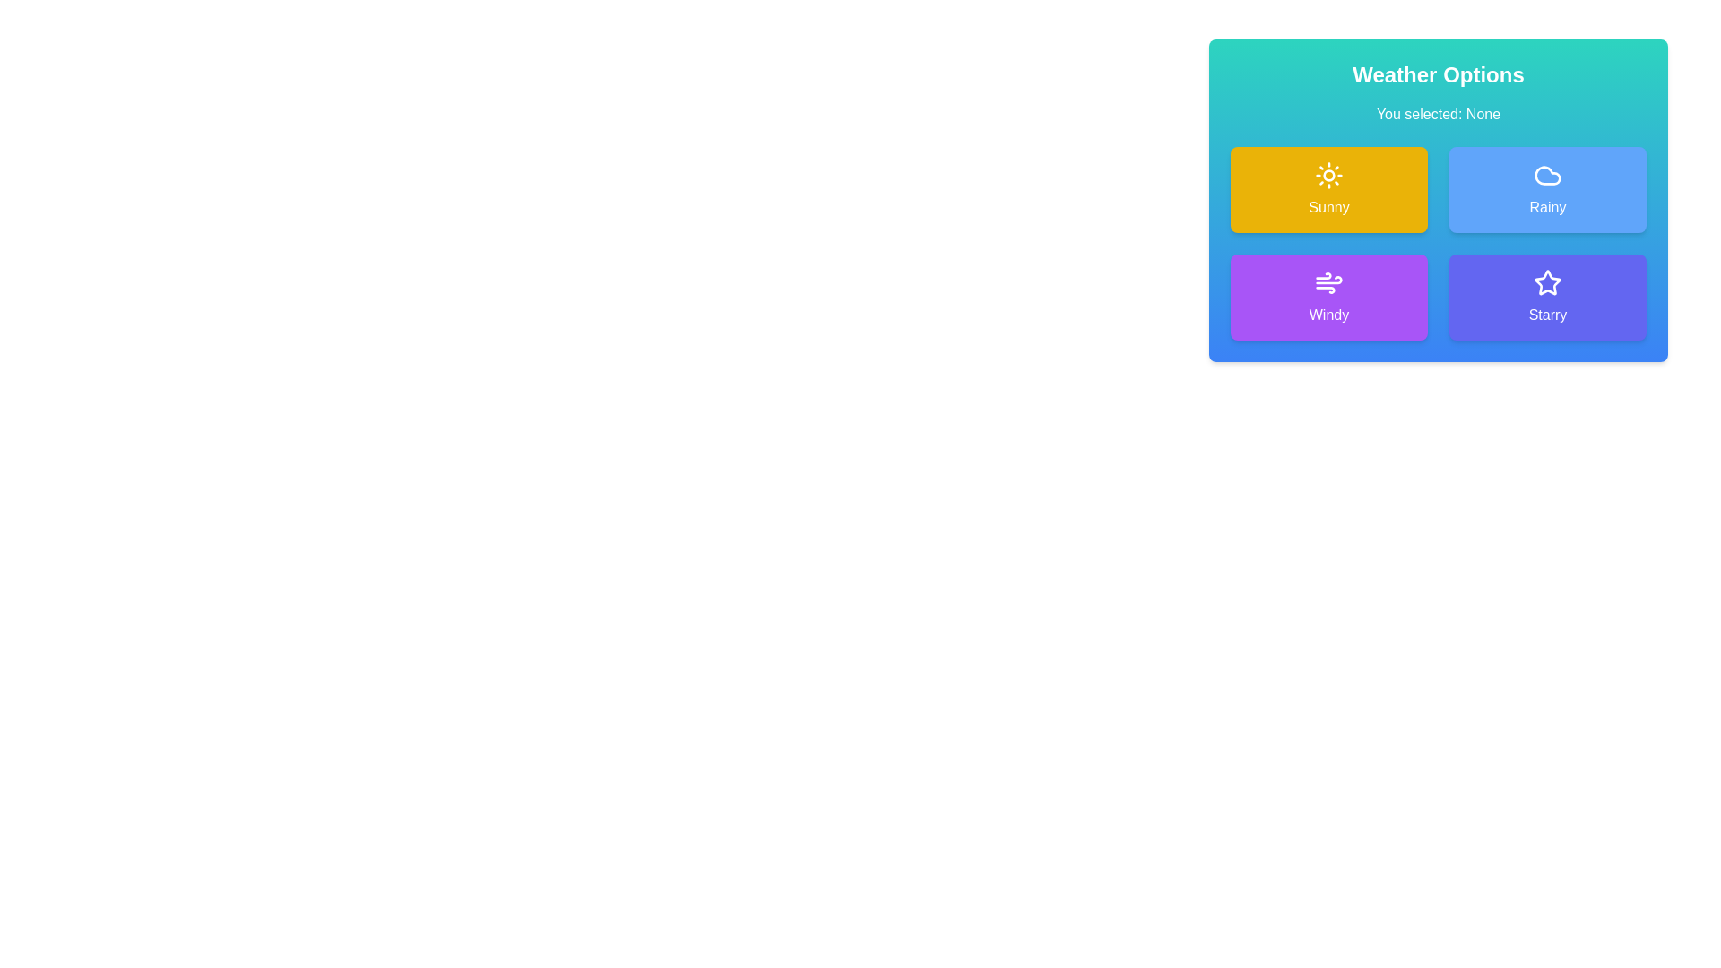  Describe the element at coordinates (1546, 282) in the screenshot. I see `the star icon in the bottom-right corner of the weather selection interface` at that location.